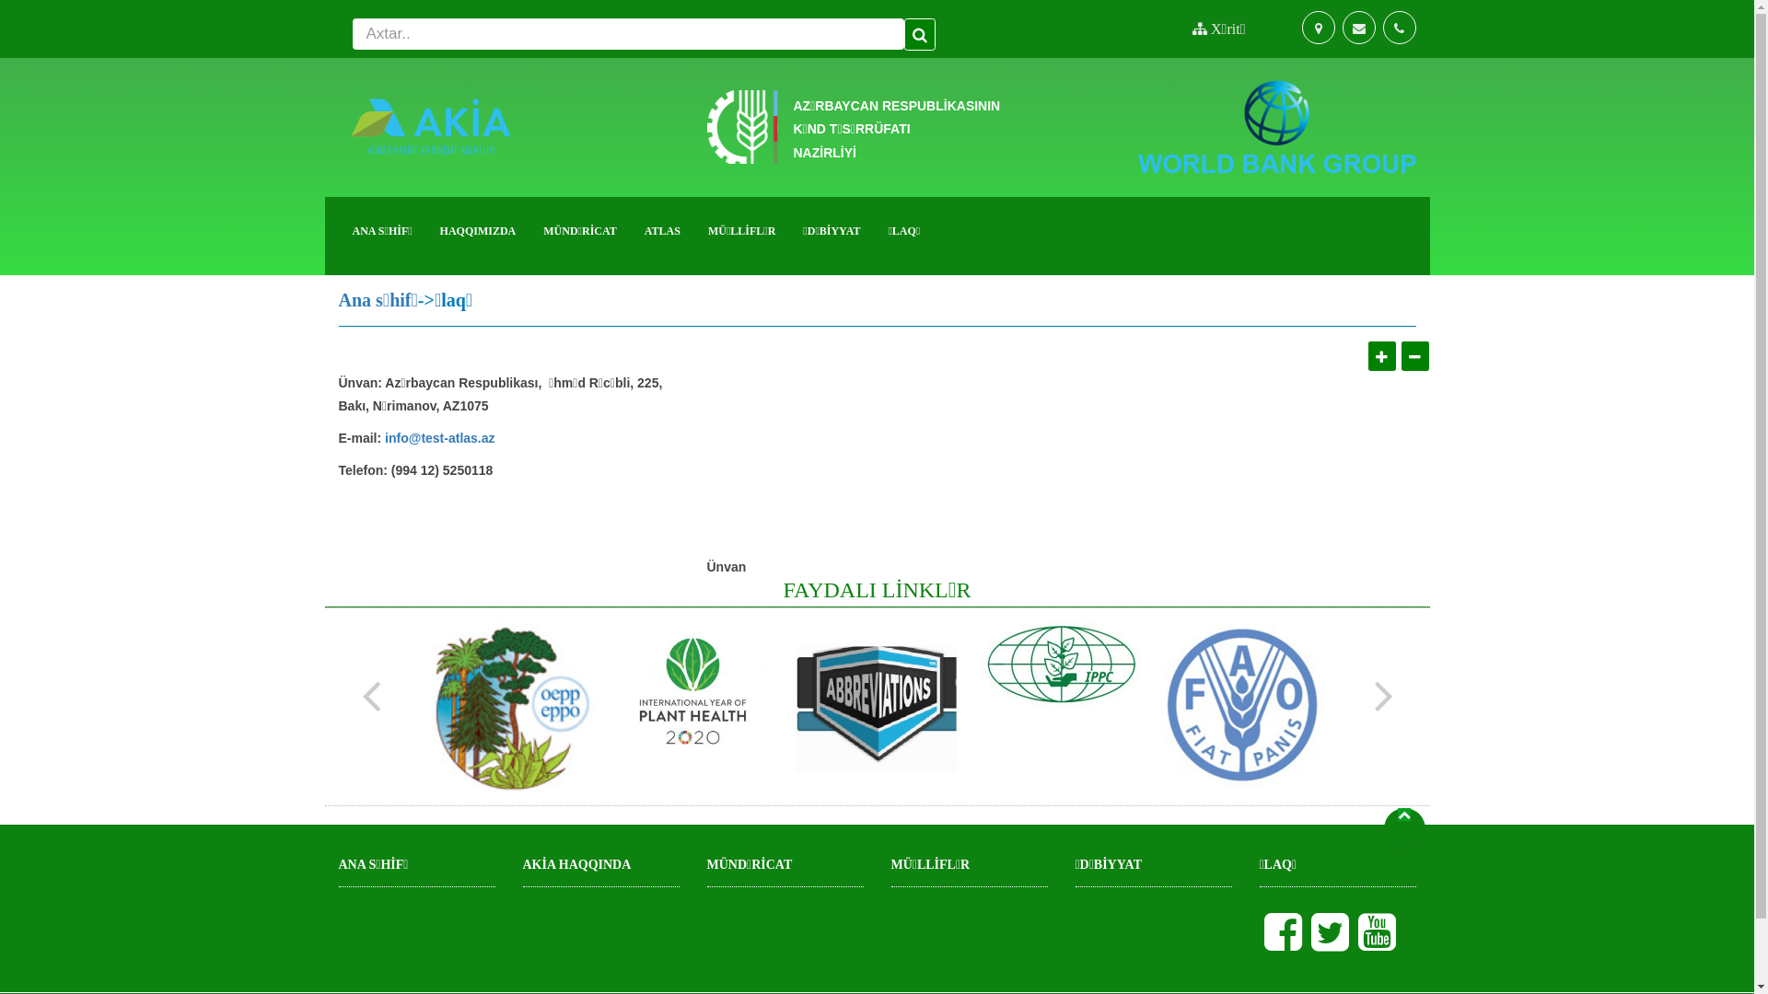  I want to click on '@test-atlas.az', so click(408, 440).